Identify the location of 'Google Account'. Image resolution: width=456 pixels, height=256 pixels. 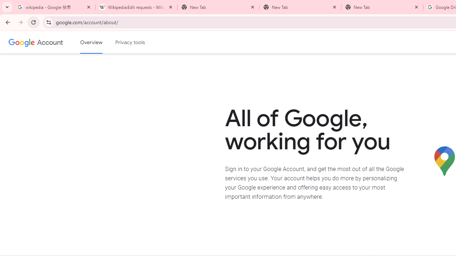
(50, 42).